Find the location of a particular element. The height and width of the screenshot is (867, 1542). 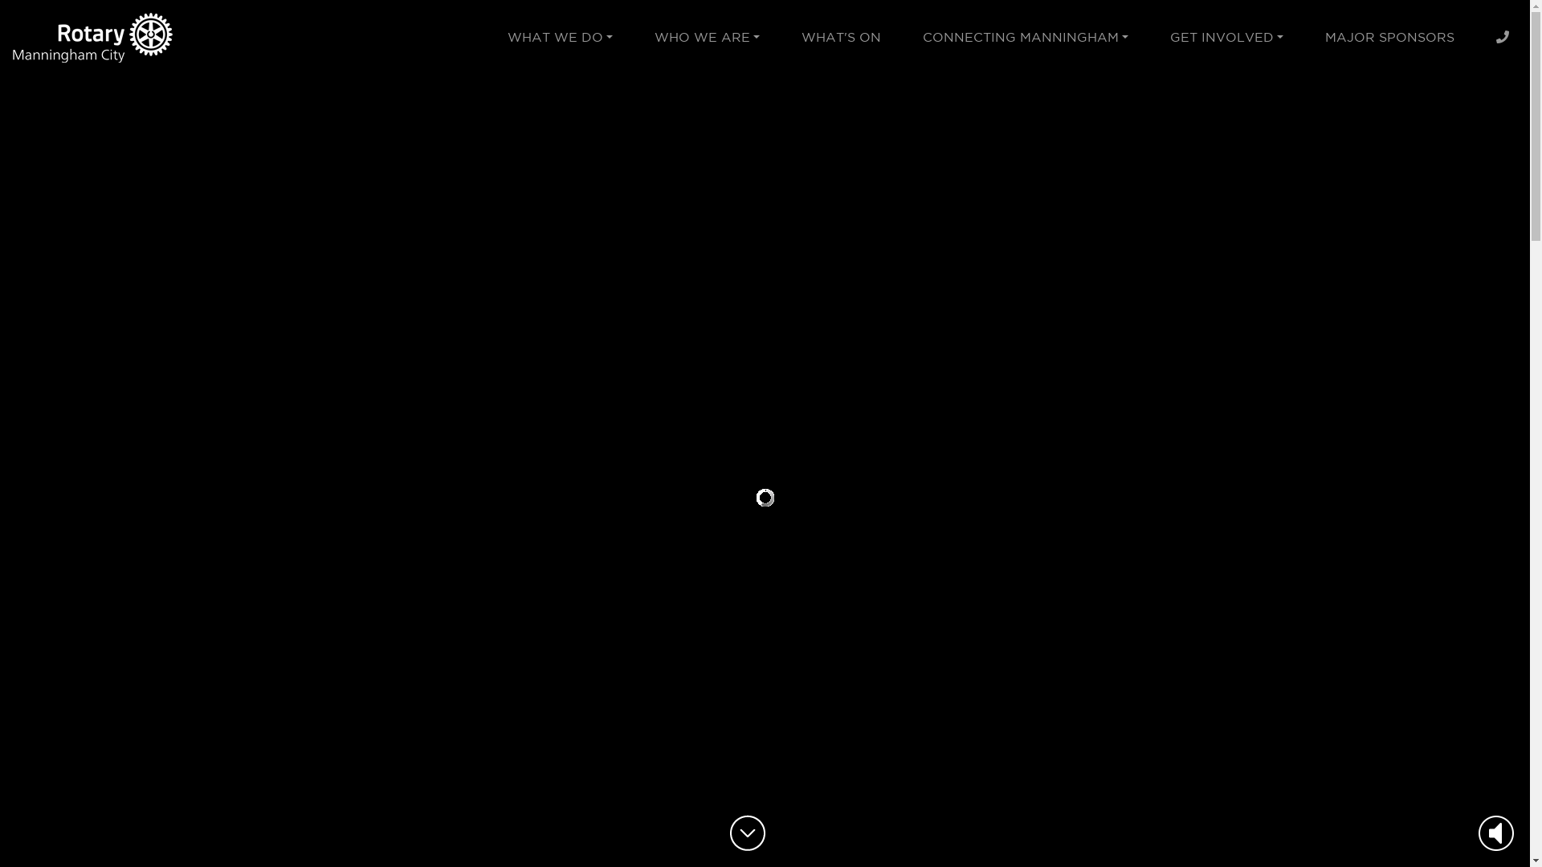

'MAJOR SPONSORS' is located at coordinates (1318, 39).